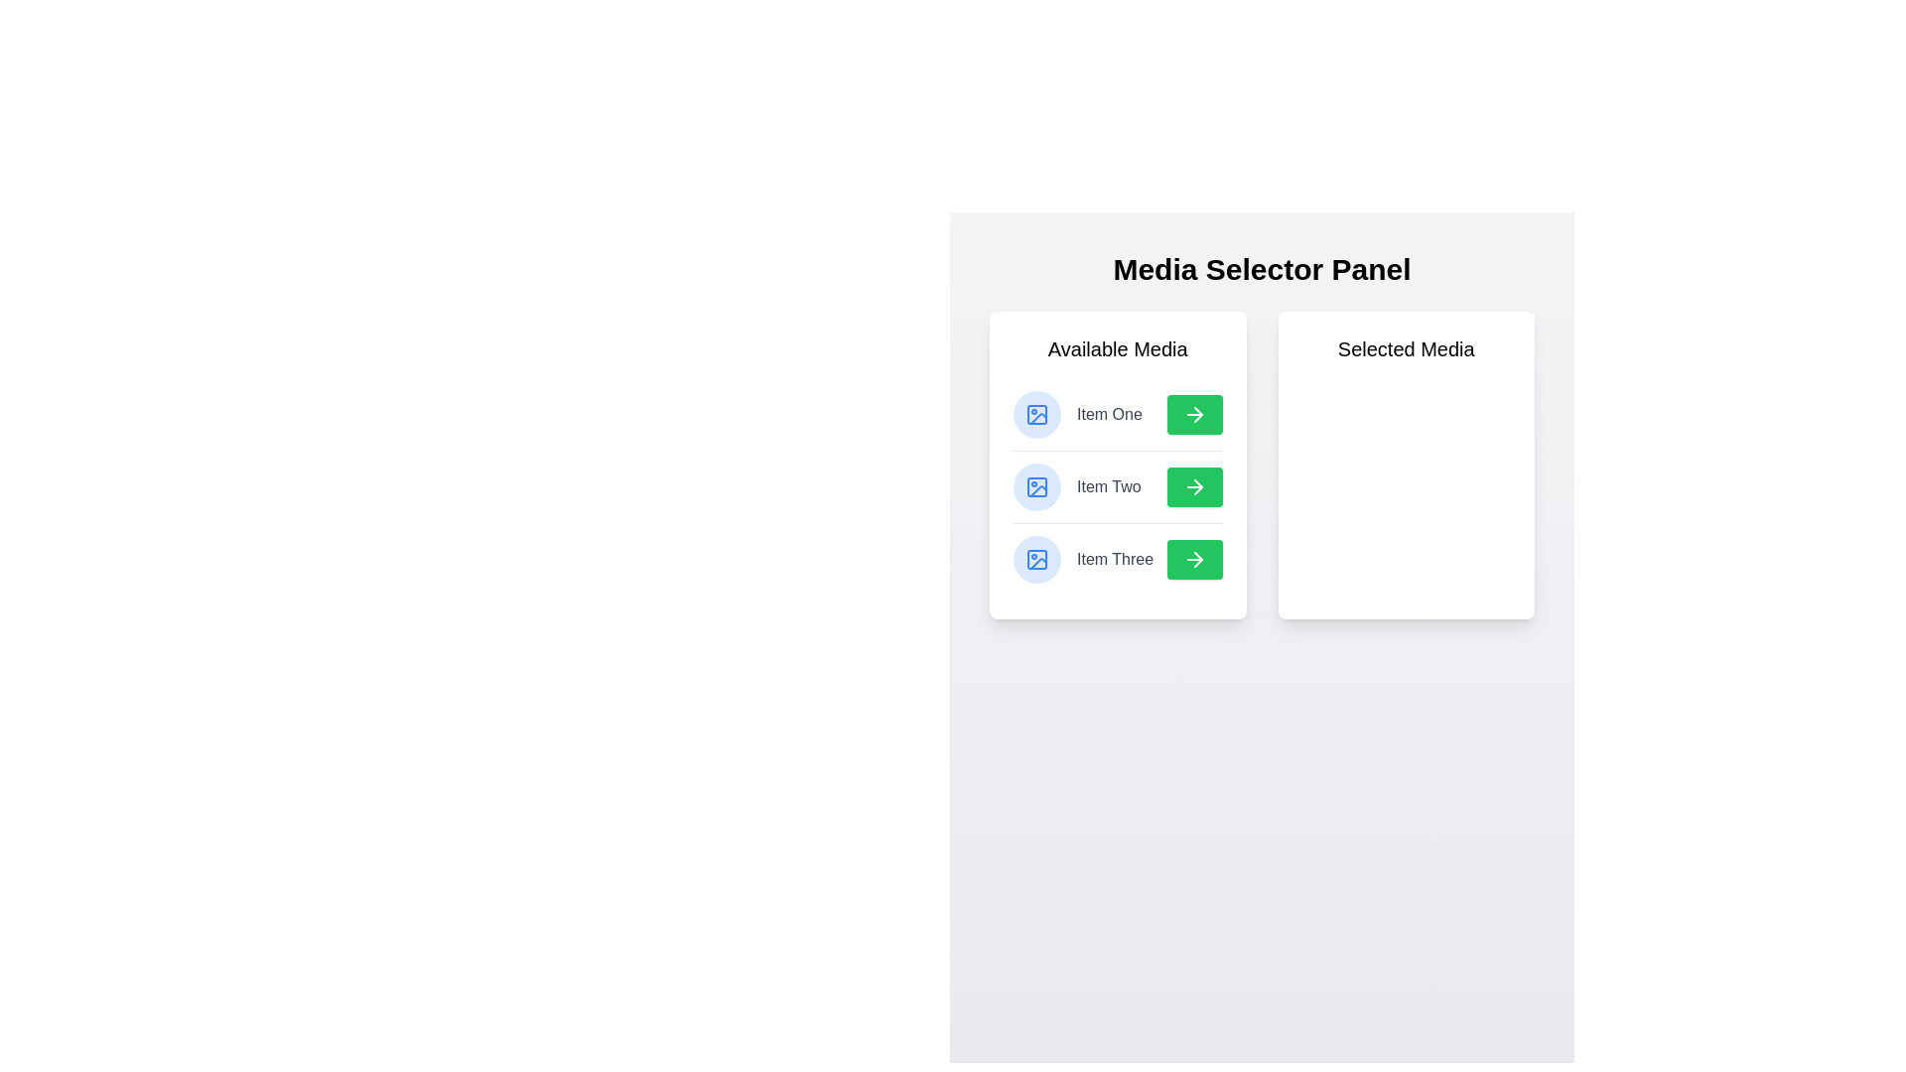 This screenshot has height=1072, width=1906. I want to click on the arrow icon in the third list item of the 'Available Media' section, so click(1196, 559).